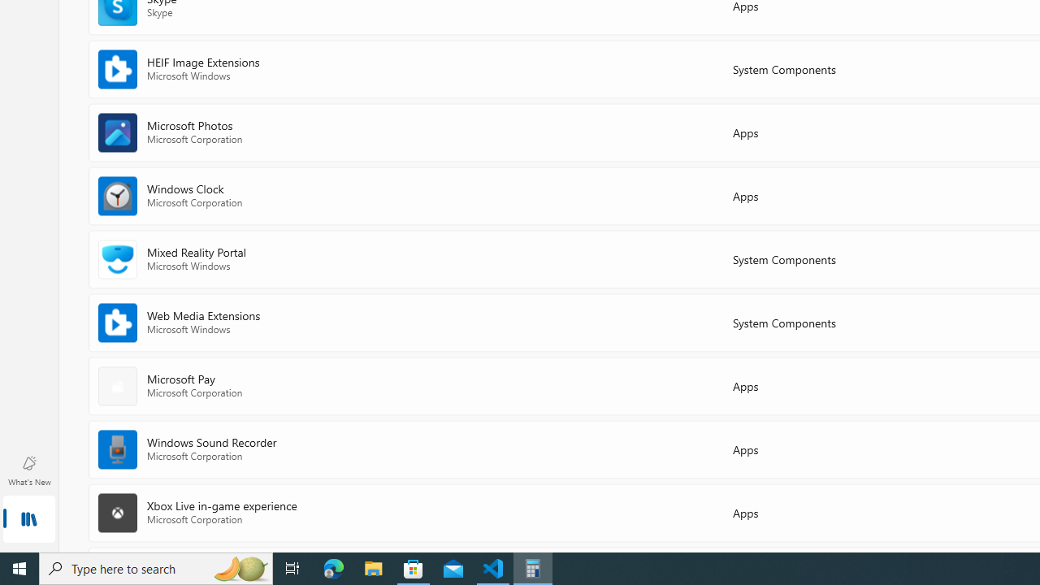 This screenshot has height=585, width=1040. I want to click on 'What', so click(28, 470).